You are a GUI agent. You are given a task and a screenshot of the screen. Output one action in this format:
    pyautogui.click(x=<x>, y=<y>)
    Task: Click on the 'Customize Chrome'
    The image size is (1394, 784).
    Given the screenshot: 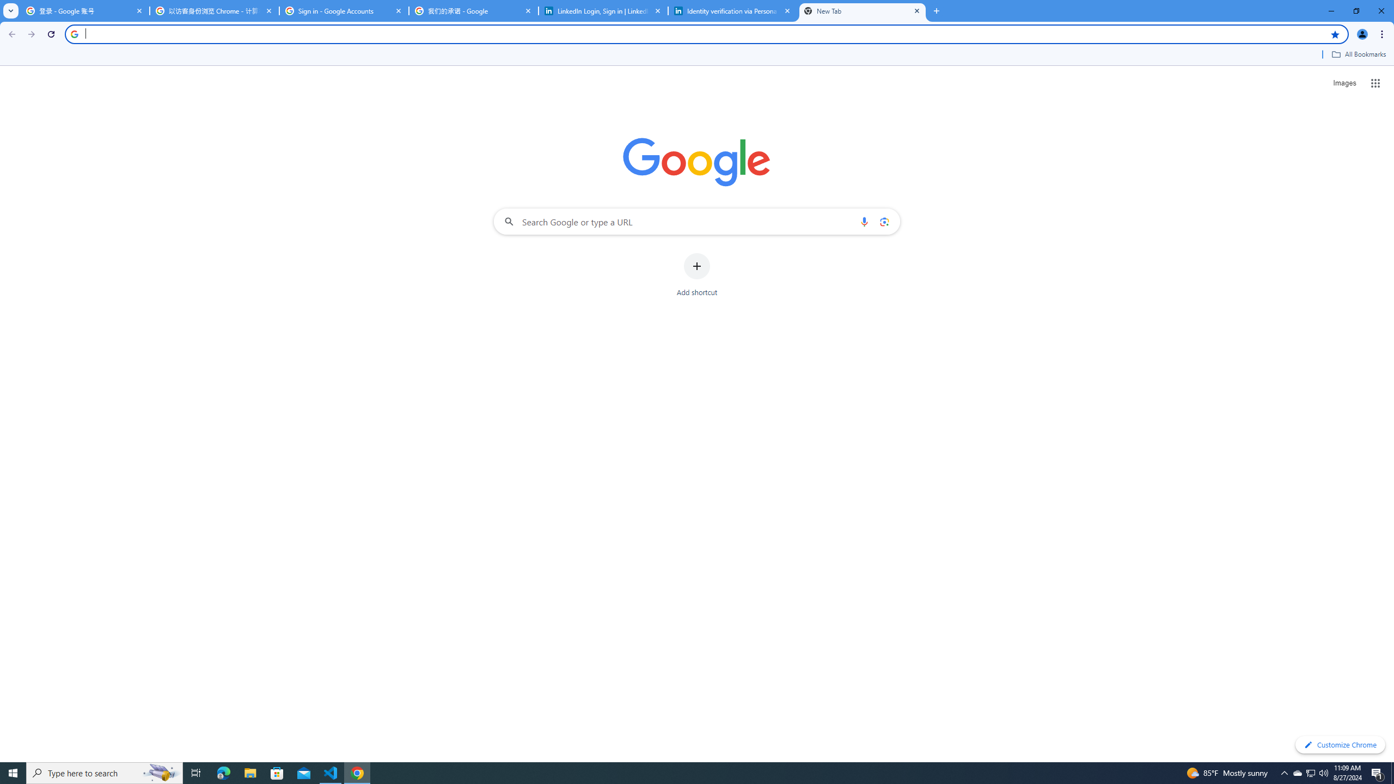 What is the action you would take?
    pyautogui.click(x=1340, y=744)
    